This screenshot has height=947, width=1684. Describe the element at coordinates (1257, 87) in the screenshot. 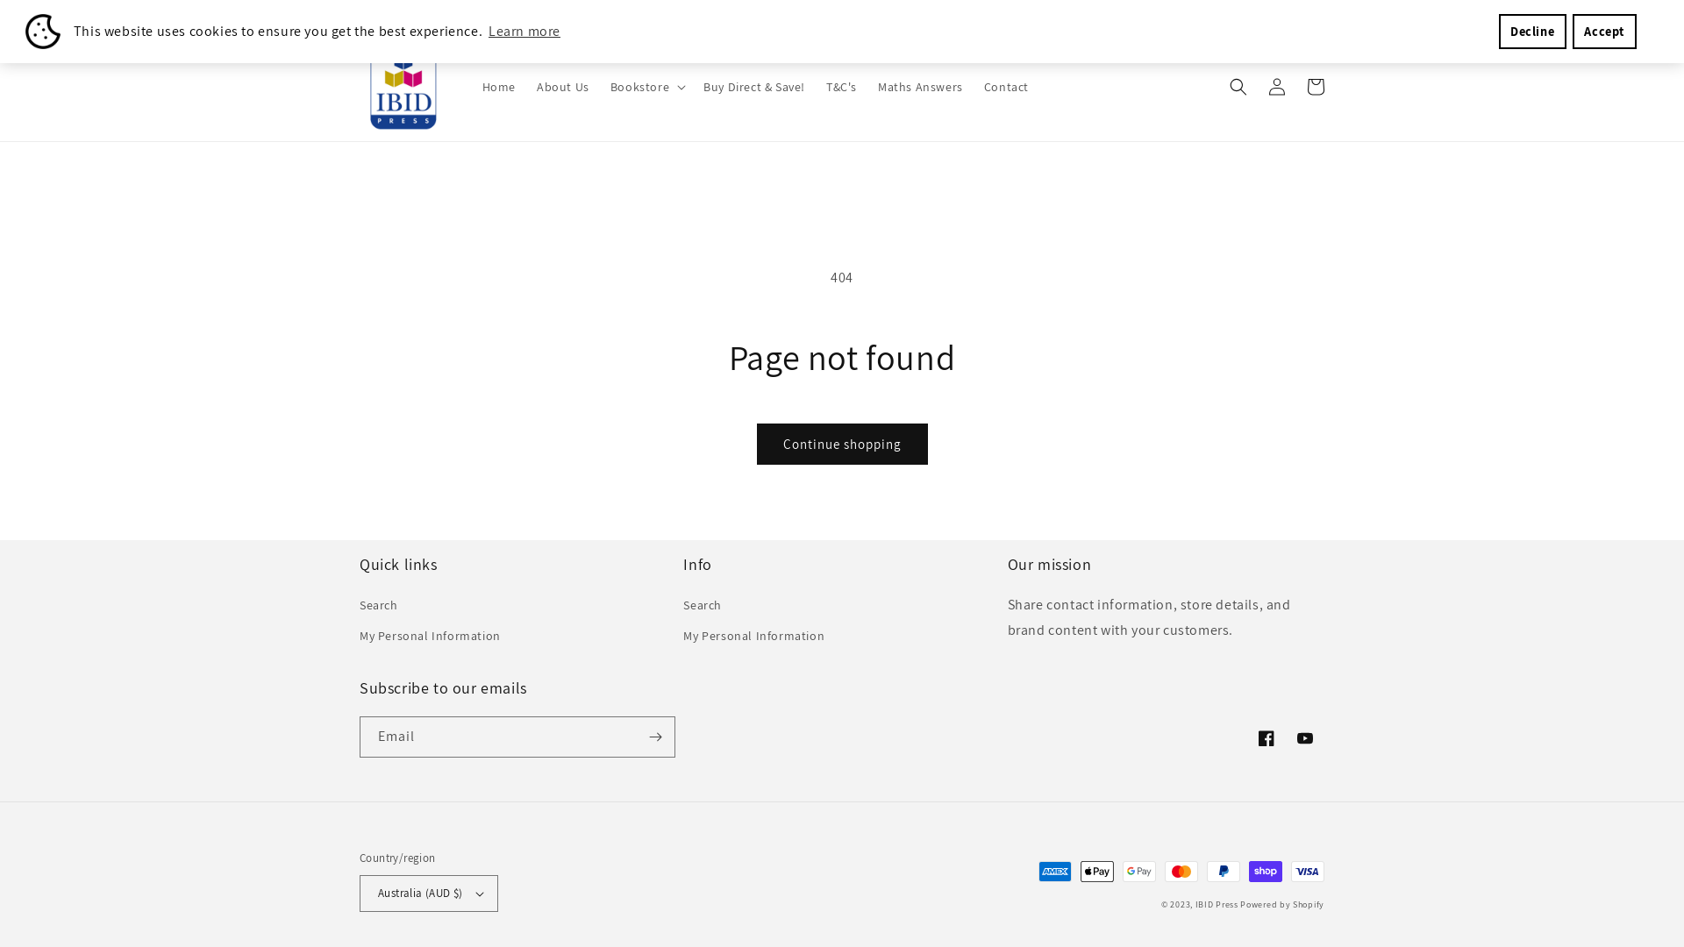

I see `'Log in'` at that location.